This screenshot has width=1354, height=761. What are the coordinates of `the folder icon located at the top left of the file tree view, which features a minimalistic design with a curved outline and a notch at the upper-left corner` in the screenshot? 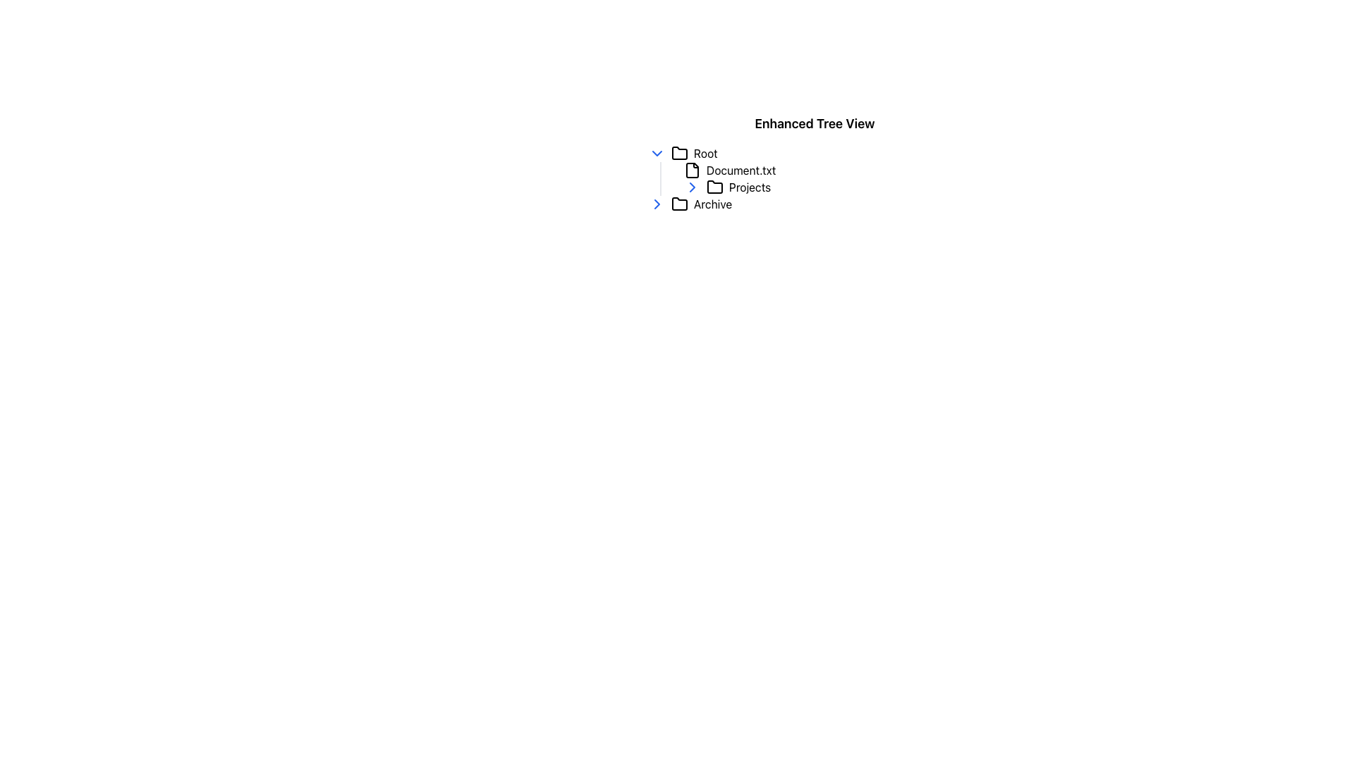 It's located at (680, 152).